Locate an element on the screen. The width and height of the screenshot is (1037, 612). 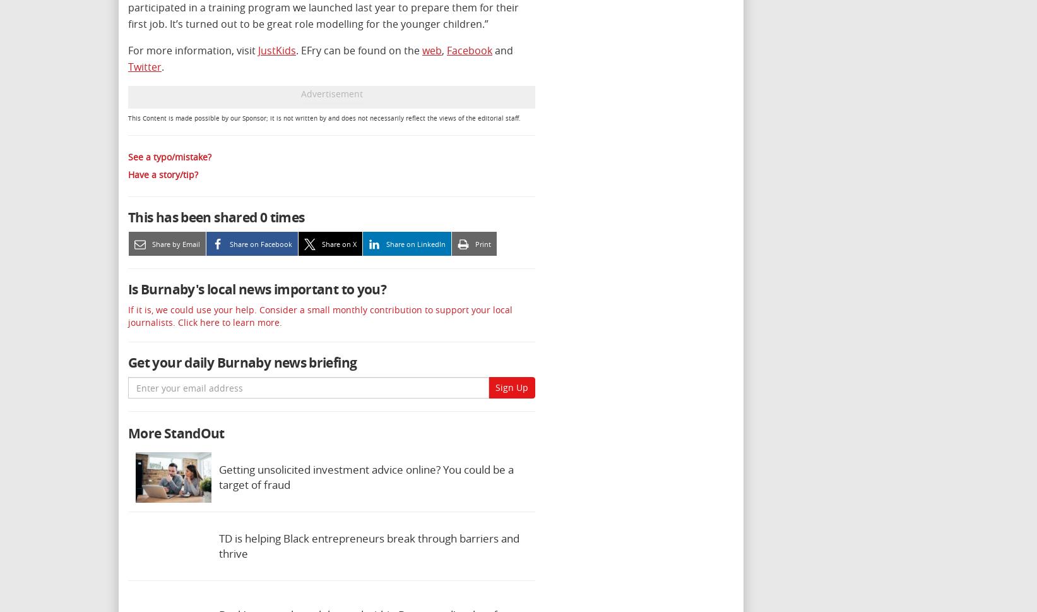
'and' is located at coordinates (502, 50).